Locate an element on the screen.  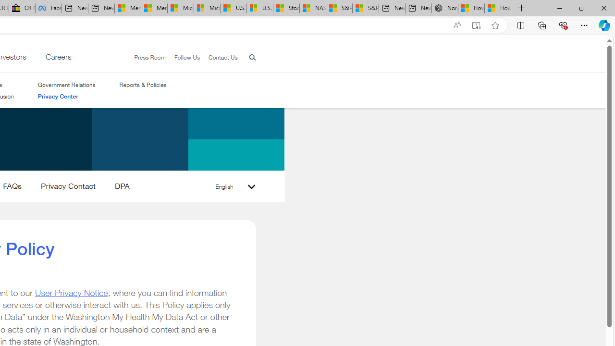
'Reports & Policies' is located at coordinates (142, 84).